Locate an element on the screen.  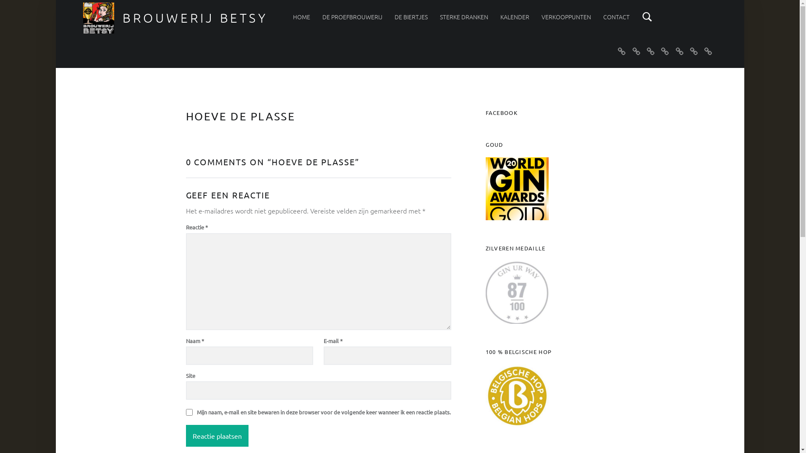
'Search' is located at coordinates (641, 16).